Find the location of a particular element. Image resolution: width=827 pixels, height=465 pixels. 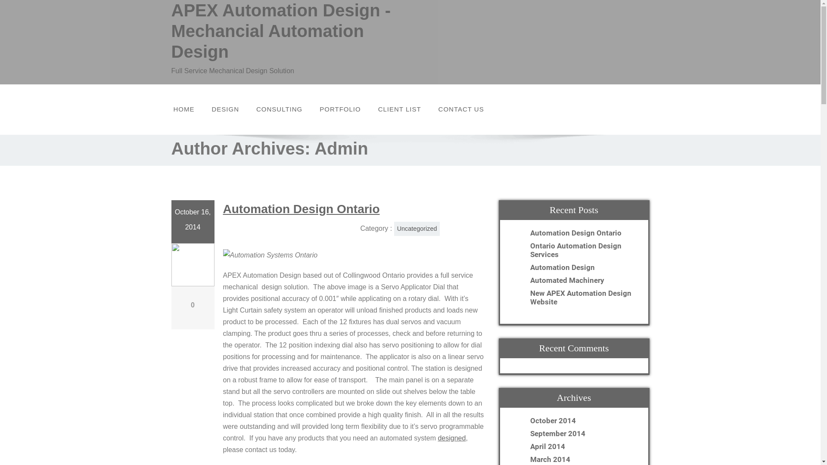

'Automation Design' is located at coordinates (582, 267).